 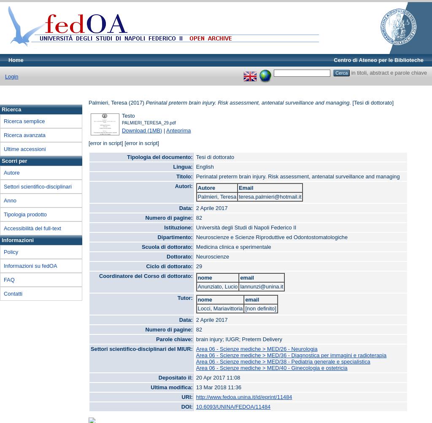 What do you see at coordinates (271, 368) in the screenshot?
I see `'Area 06 - Scienze mediche > MED/40 - Ginecologia e ostetricia'` at bounding box center [271, 368].